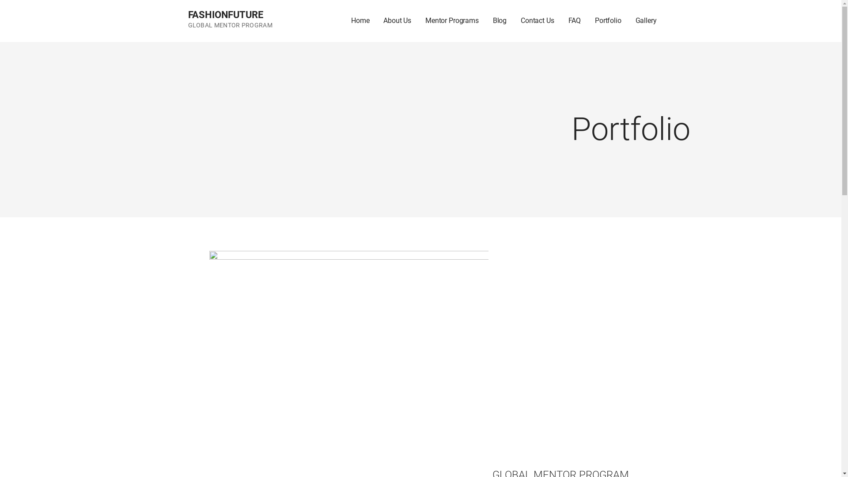 The image size is (848, 477). Describe the element at coordinates (485, 20) in the screenshot. I see `'Blog'` at that location.